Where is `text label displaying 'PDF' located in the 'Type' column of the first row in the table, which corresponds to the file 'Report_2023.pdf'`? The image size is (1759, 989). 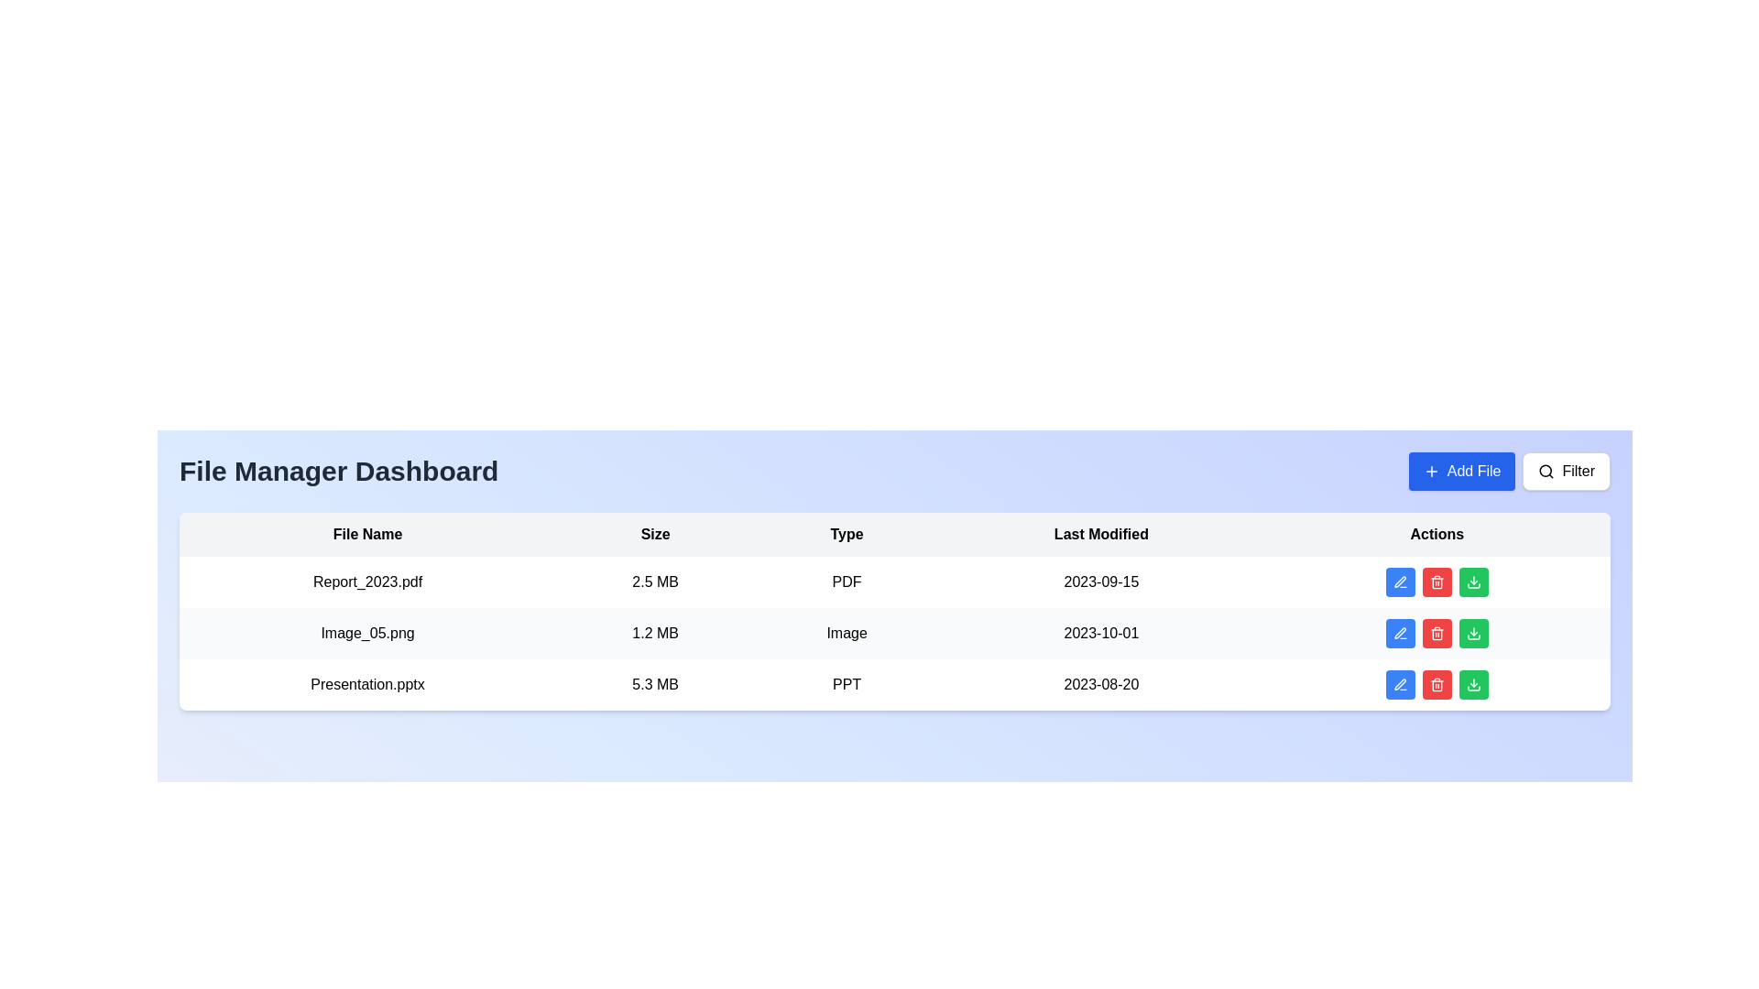 text label displaying 'PDF' located in the 'Type' column of the first row in the table, which corresponds to the file 'Report_2023.pdf' is located at coordinates (846, 582).